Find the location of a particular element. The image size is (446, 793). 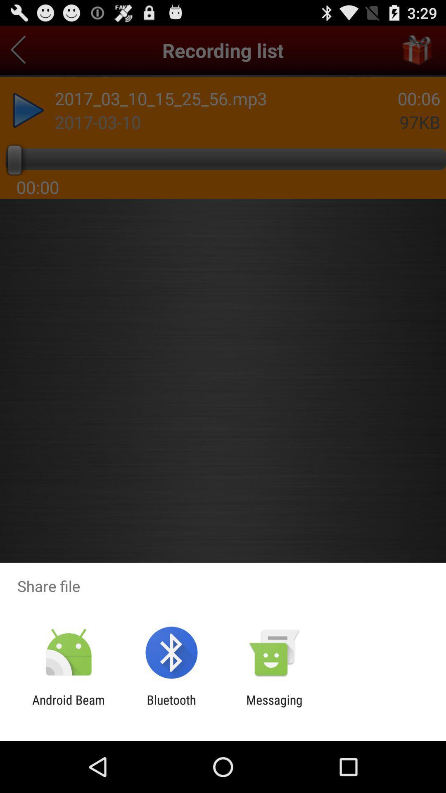

the messaging icon is located at coordinates (274, 707).